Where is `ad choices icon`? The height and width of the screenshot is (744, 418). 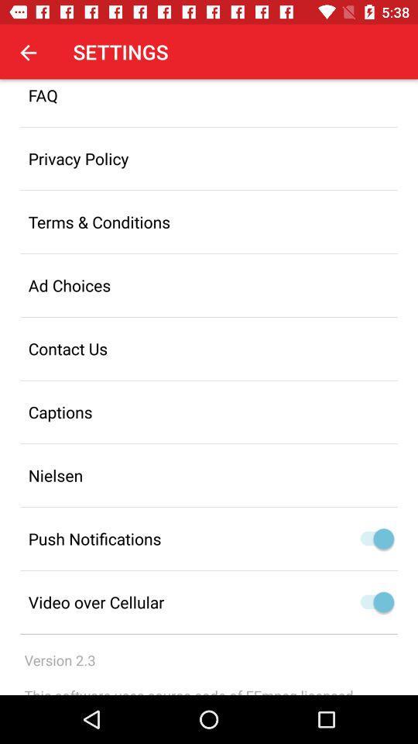
ad choices icon is located at coordinates (209, 284).